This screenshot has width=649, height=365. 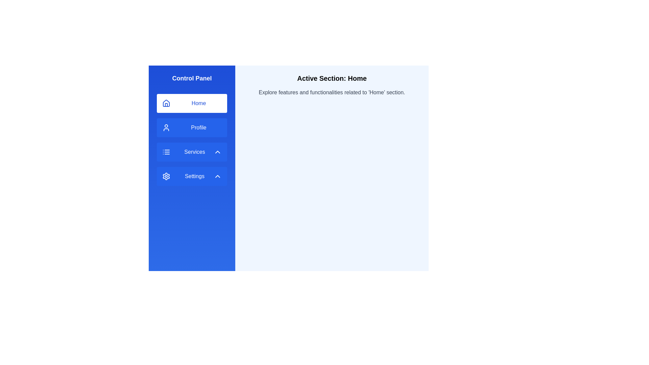 What do you see at coordinates (217, 152) in the screenshot?
I see `the upward-pointing chevron icon located at the right end of the 'Services' button in the left-side control menu` at bounding box center [217, 152].